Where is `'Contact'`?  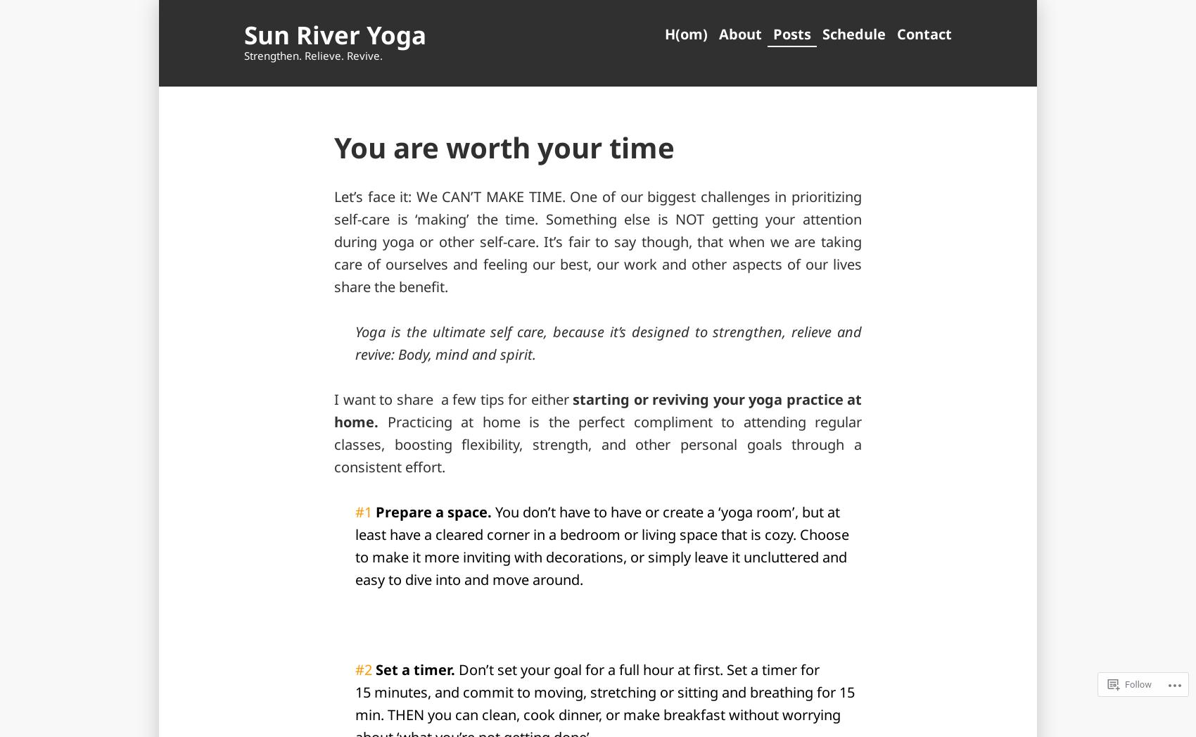
'Contact' is located at coordinates (924, 33).